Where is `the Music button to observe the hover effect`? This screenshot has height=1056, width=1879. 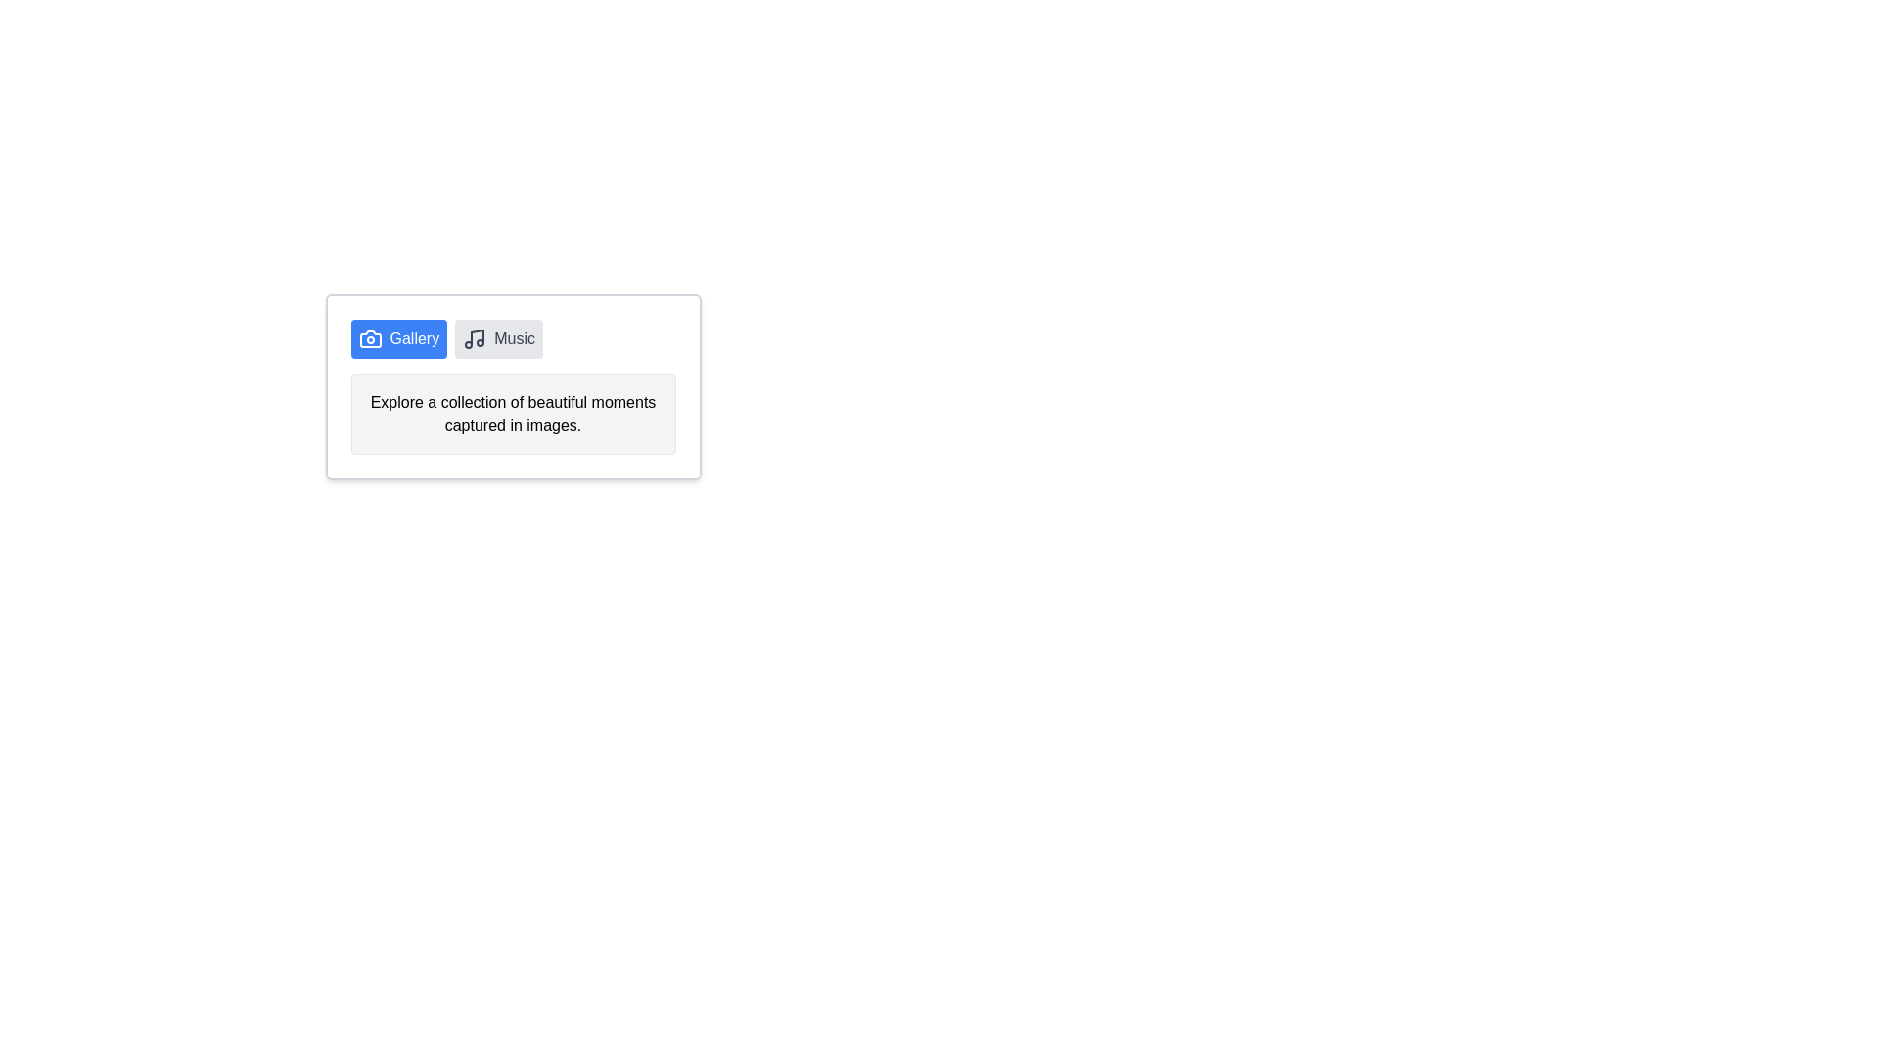
the Music button to observe the hover effect is located at coordinates (499, 338).